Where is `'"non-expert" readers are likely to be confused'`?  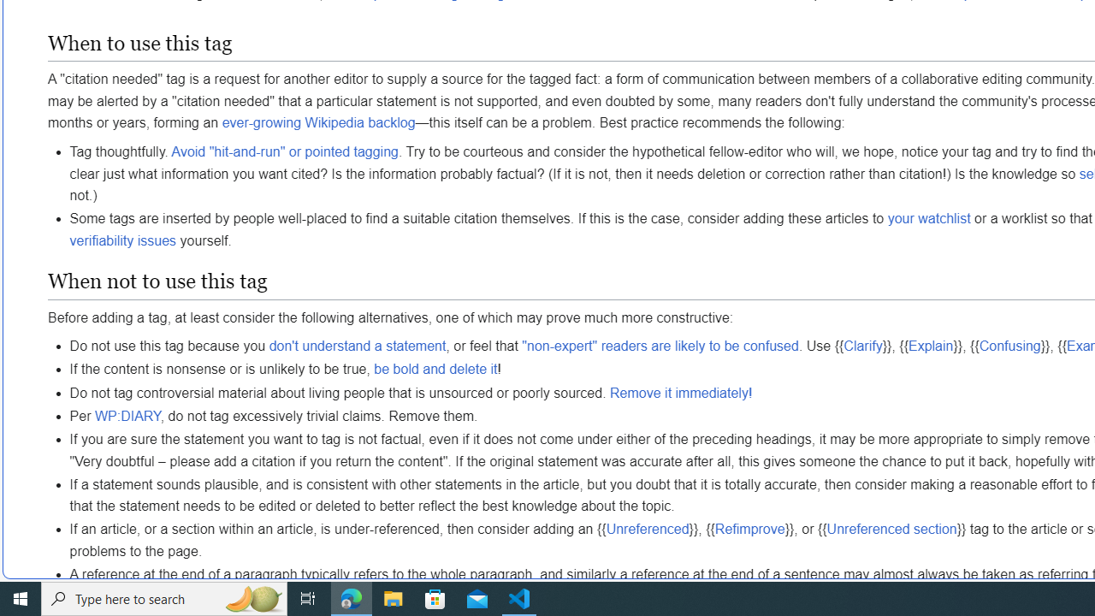
'"non-expert" readers are likely to be confused' is located at coordinates (660, 346).